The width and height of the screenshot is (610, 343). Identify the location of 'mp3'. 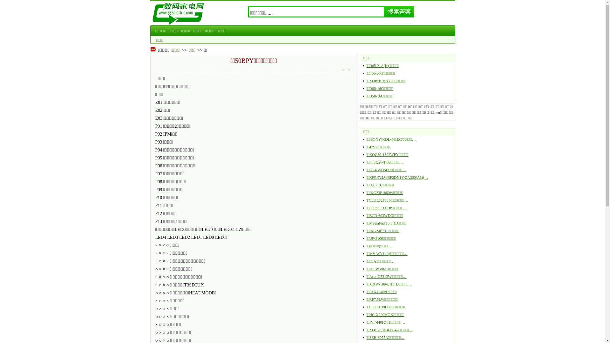
(438, 112).